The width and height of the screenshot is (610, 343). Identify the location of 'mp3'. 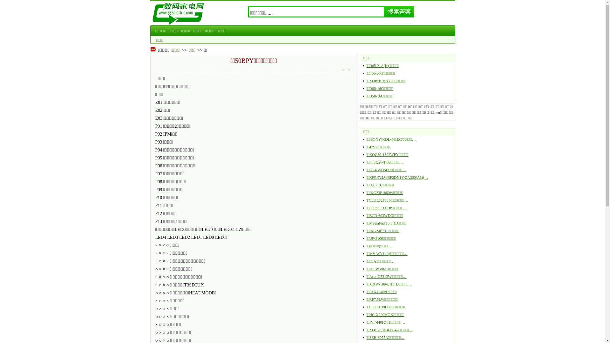
(438, 112).